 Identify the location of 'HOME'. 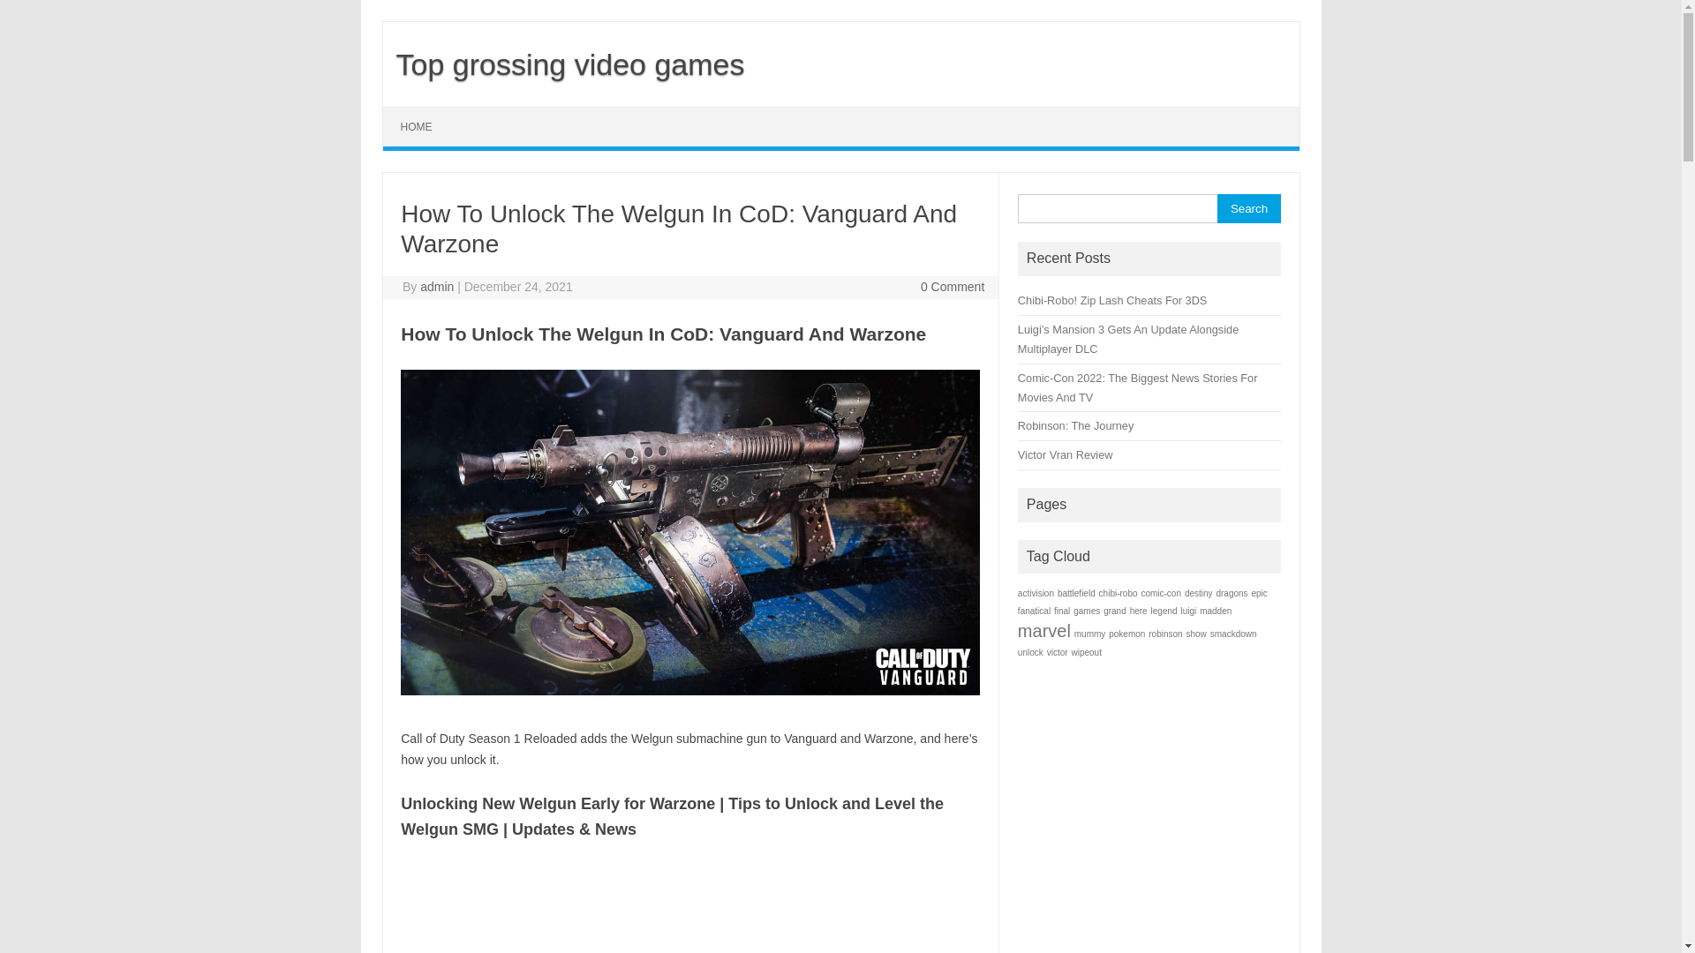
(381, 125).